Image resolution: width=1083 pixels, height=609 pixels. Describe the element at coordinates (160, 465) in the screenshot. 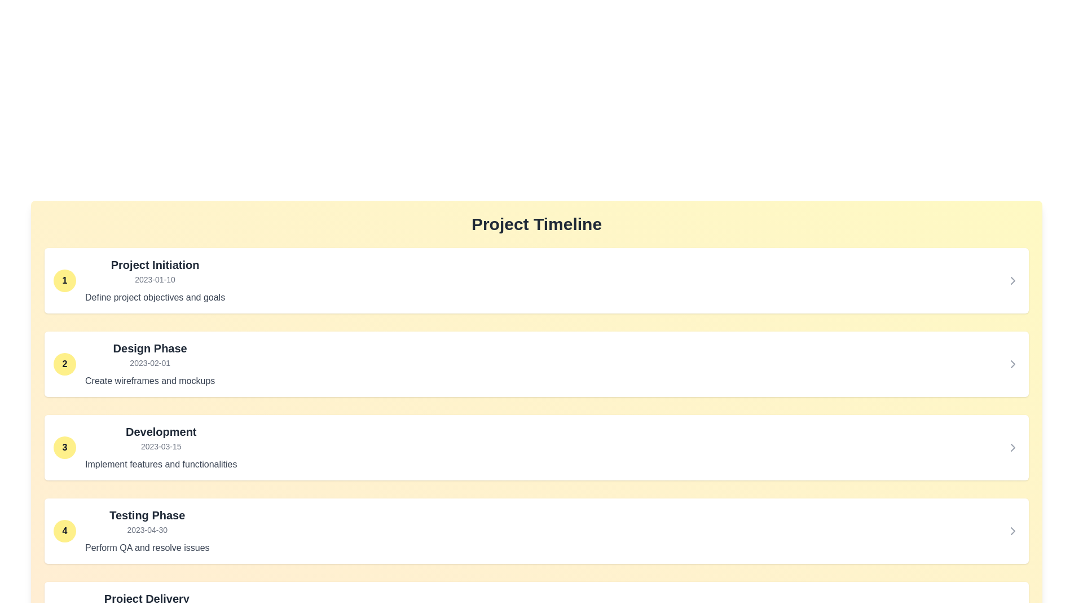

I see `the text label displaying 'Implement features and functionalities' in gray font, located beneath the 'Development' section header and the date '2023-03-15'` at that location.